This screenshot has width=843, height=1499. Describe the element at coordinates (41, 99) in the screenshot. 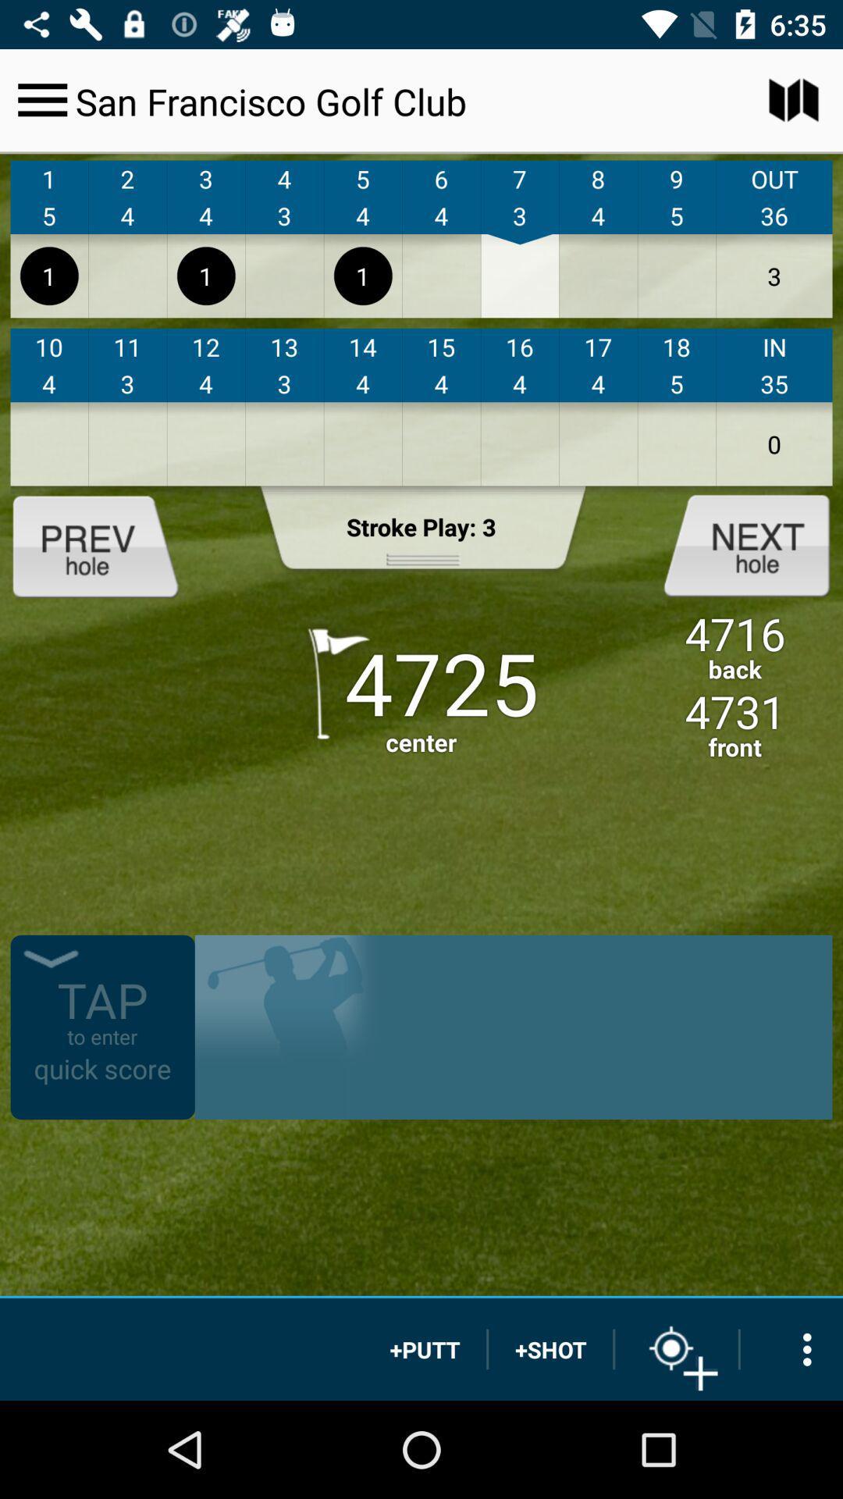

I see `hamburger menu` at that location.